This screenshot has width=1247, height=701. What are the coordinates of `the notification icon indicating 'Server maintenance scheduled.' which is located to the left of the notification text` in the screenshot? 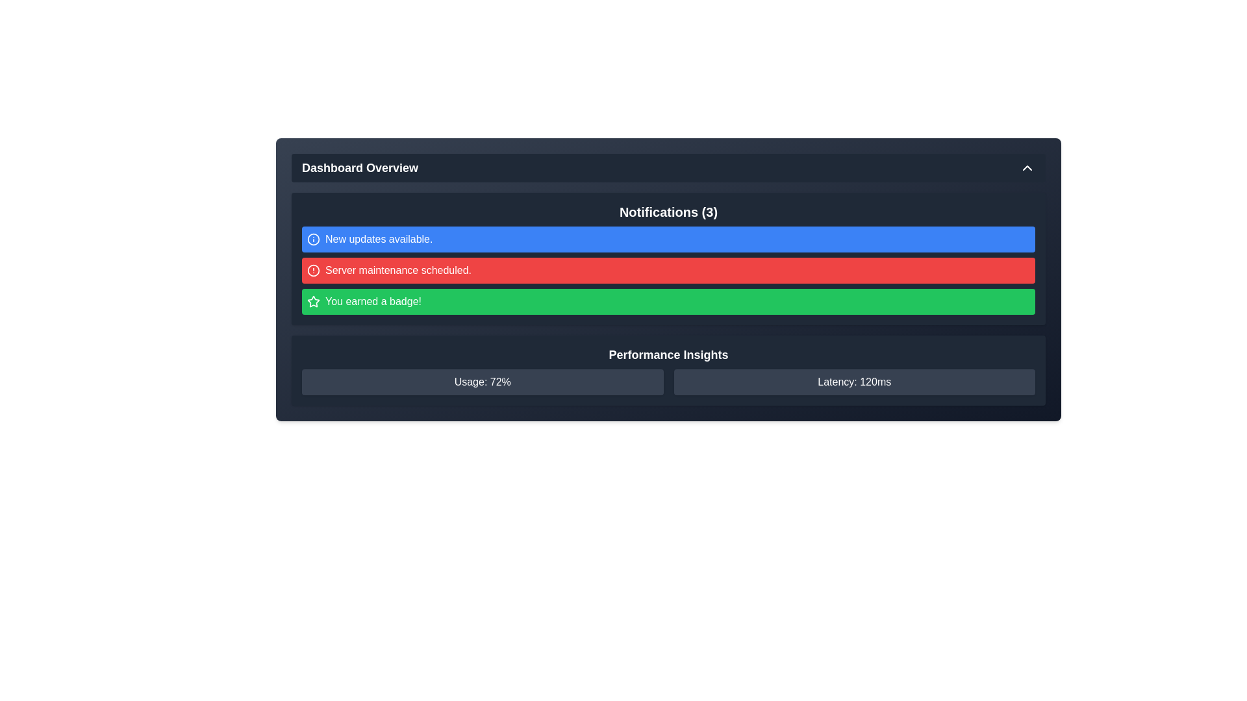 It's located at (314, 269).